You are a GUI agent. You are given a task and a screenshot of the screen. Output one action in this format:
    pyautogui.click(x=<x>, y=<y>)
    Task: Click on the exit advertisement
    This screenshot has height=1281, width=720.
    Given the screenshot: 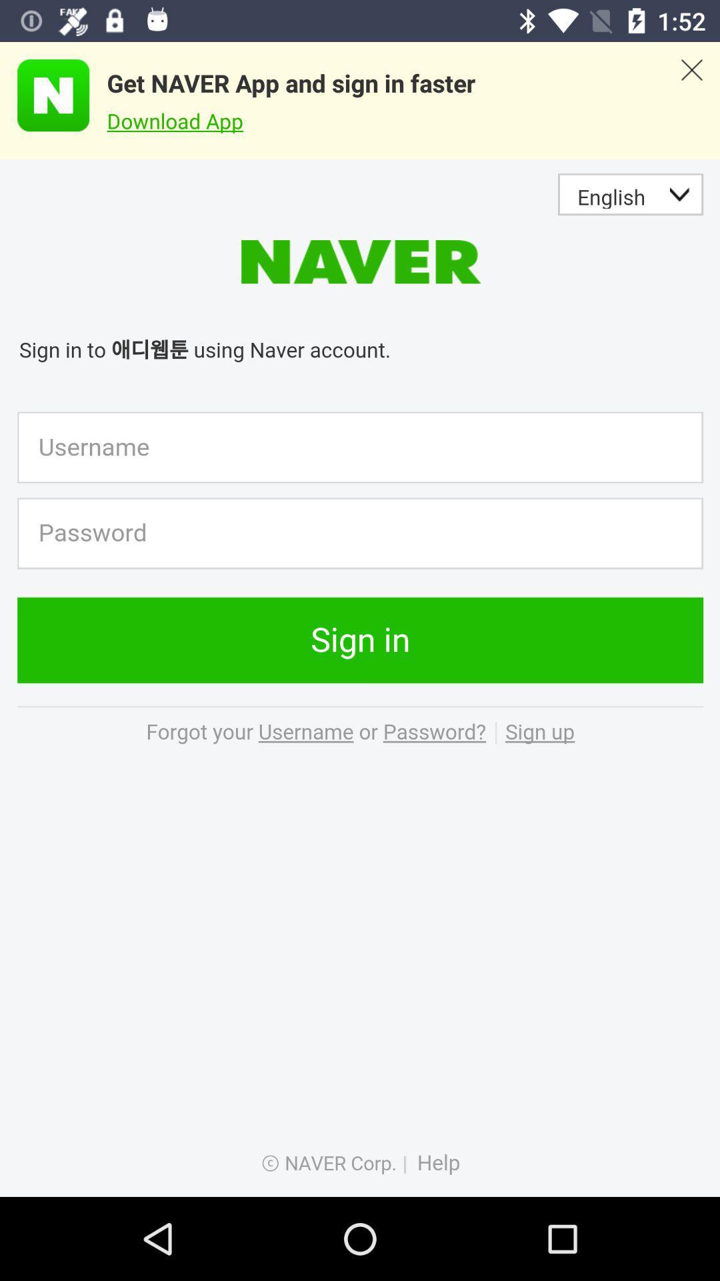 What is the action you would take?
    pyautogui.click(x=691, y=100)
    